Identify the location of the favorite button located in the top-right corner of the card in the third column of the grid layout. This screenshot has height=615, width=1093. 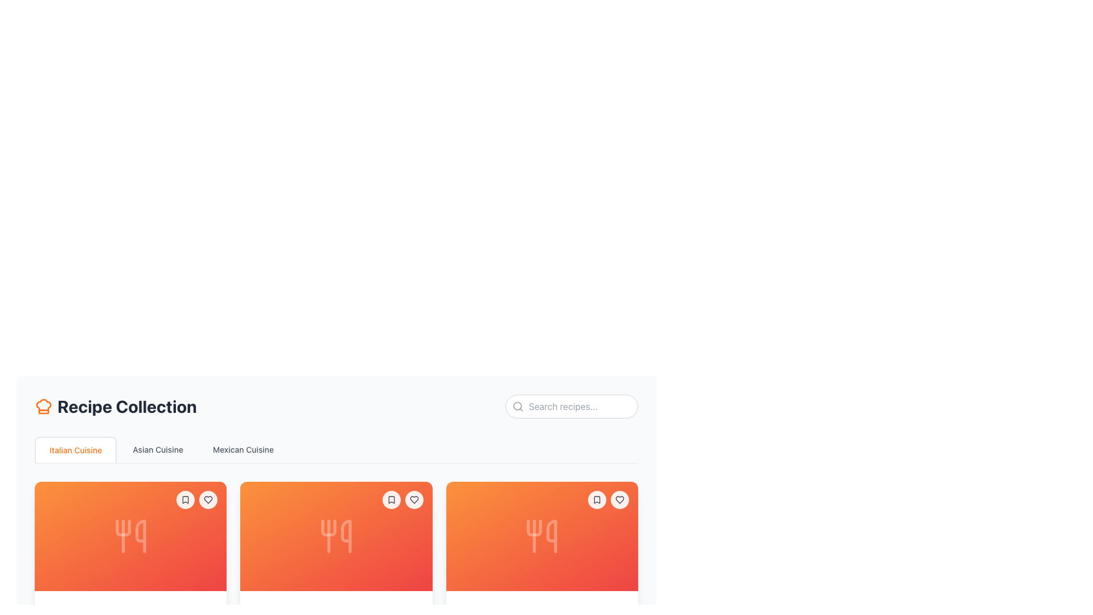
(619, 499).